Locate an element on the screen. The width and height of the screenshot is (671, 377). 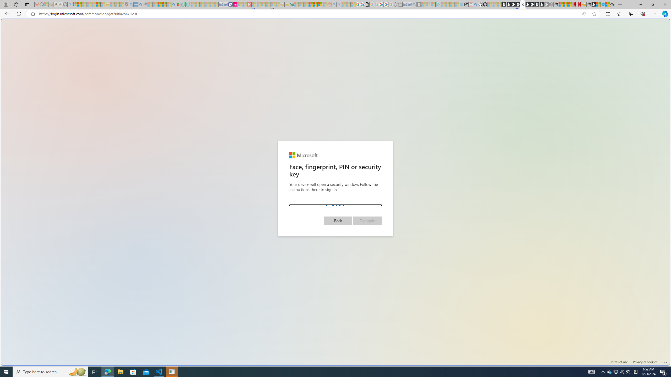
'Wallet - Sleeping' is located at coordinates (399, 4).